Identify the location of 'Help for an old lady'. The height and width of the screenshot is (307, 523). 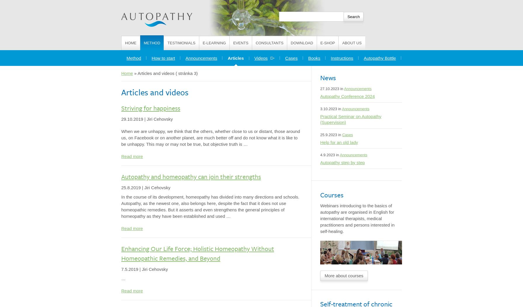
(339, 142).